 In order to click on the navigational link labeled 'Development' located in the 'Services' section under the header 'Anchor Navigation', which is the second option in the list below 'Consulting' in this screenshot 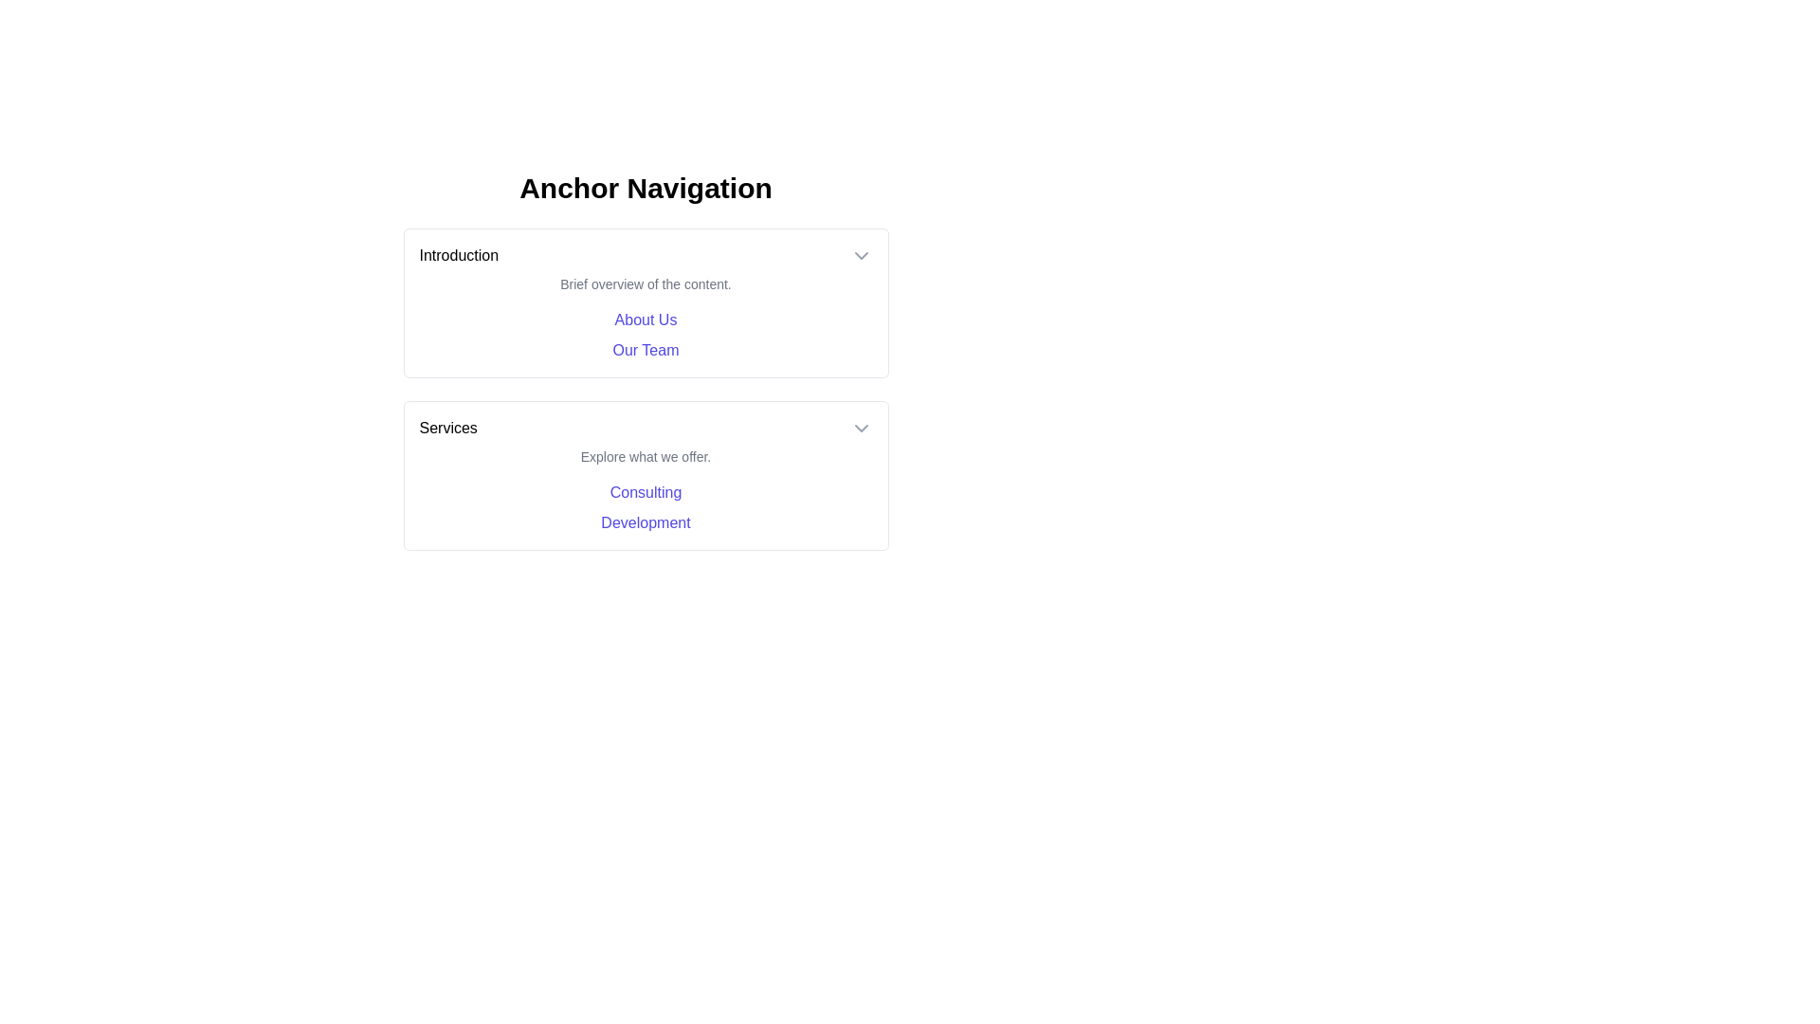, I will do `click(646, 522)`.